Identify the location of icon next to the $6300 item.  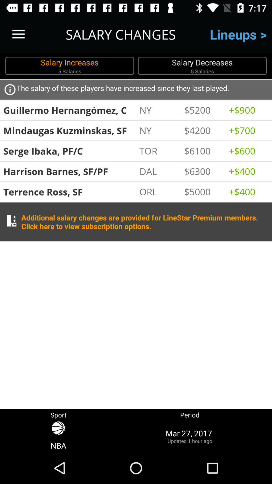
(159, 171).